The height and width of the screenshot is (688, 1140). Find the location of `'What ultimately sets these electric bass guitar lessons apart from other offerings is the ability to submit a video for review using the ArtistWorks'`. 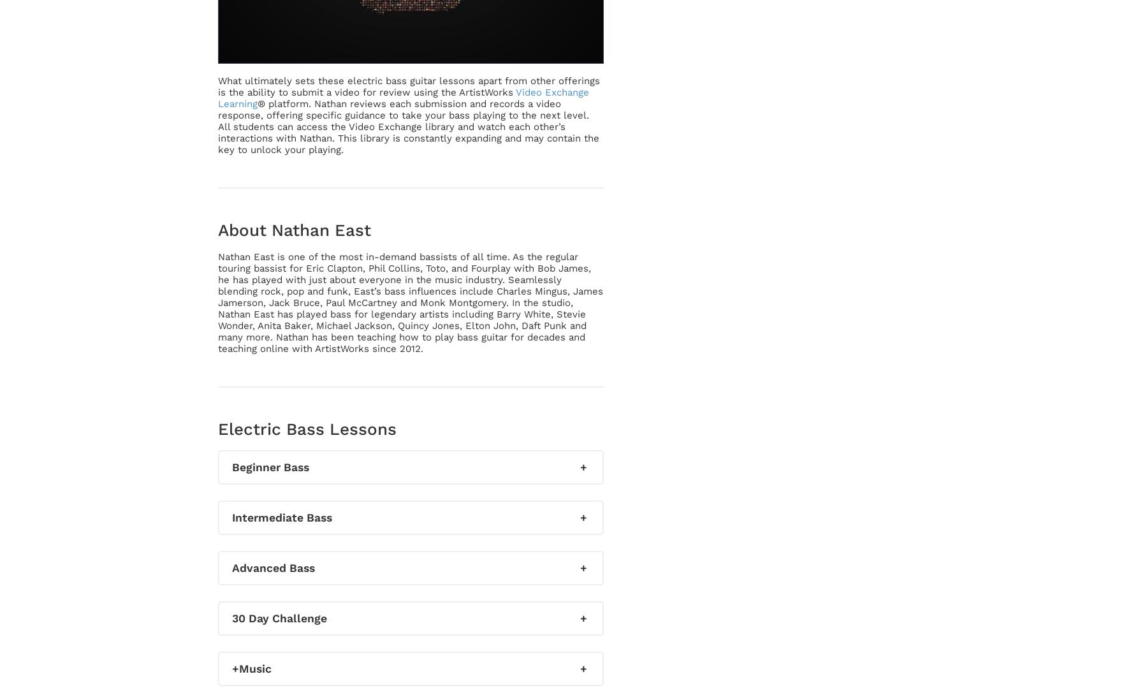

'What ultimately sets these electric bass guitar lessons apart from other offerings is the ability to submit a video for review using the ArtistWorks' is located at coordinates (409, 85).